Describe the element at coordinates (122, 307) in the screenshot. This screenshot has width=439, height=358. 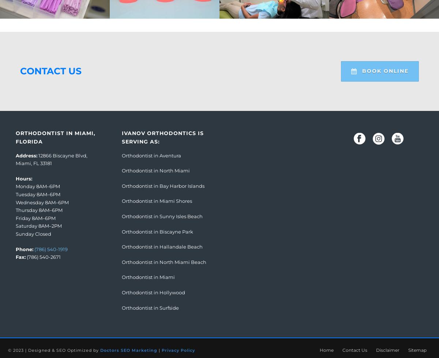
I see `'Orthodontist in Surfside'` at that location.